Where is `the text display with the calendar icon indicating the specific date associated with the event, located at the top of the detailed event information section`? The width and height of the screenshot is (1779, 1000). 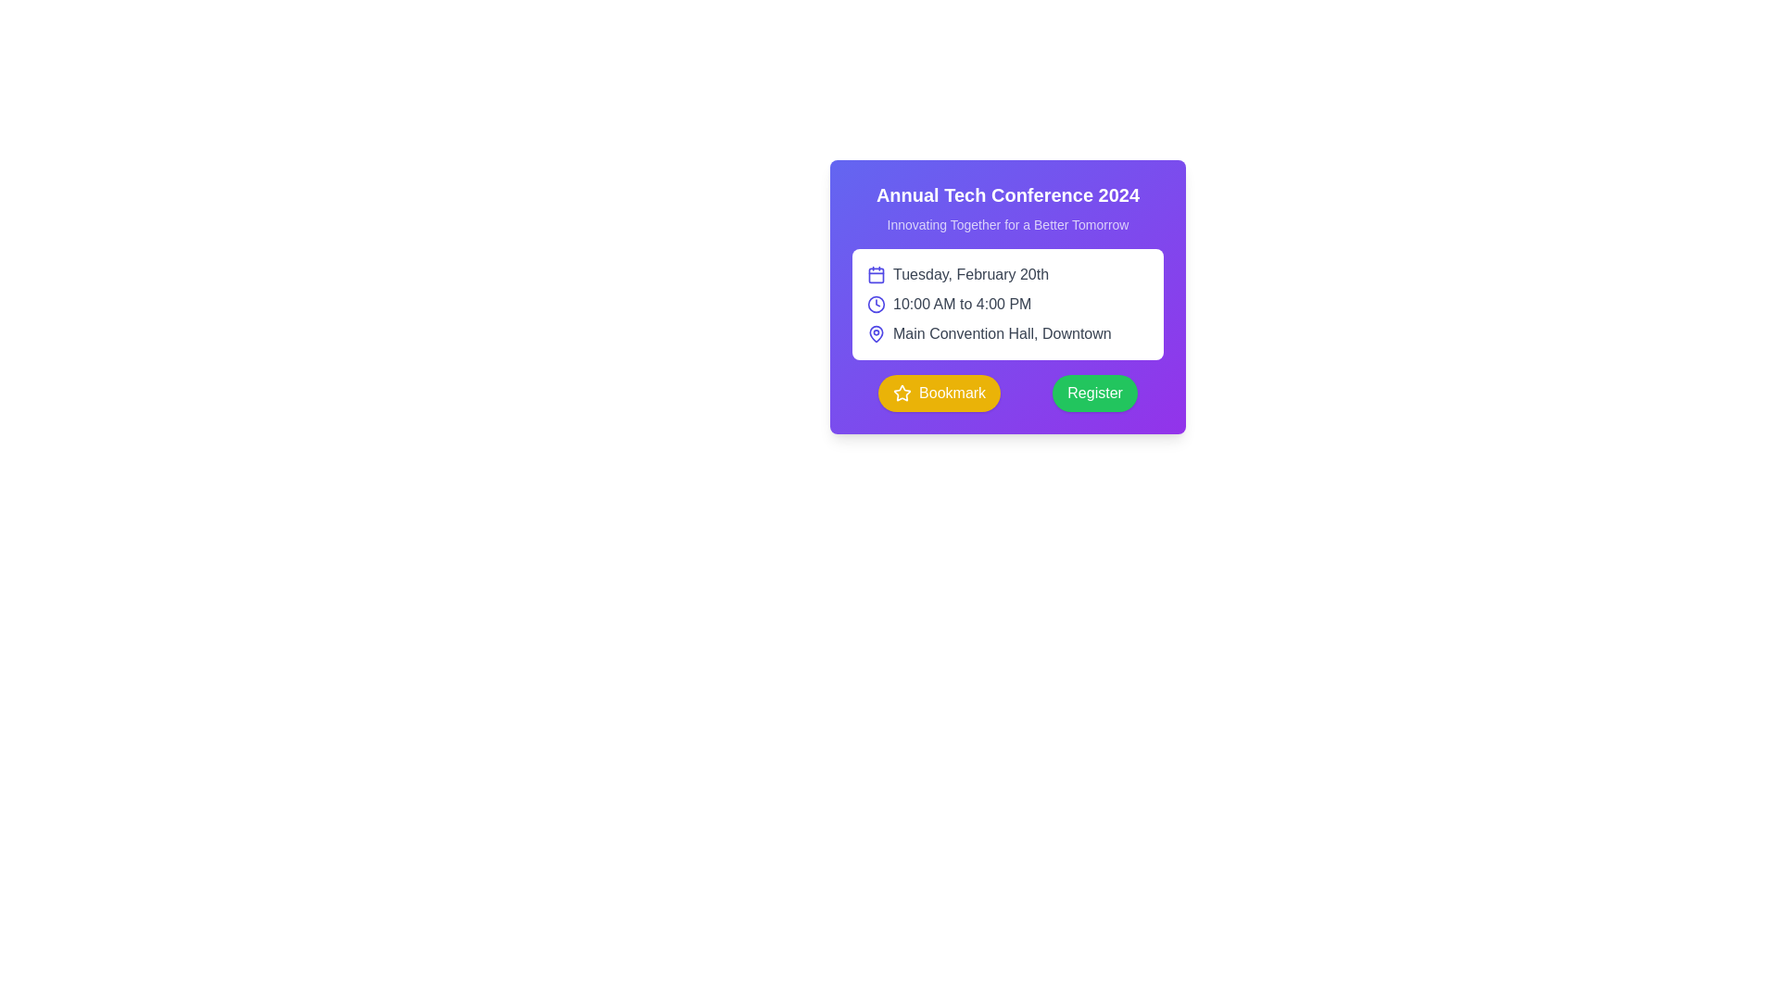
the text display with the calendar icon indicating the specific date associated with the event, located at the top of the detailed event information section is located at coordinates (1007, 275).